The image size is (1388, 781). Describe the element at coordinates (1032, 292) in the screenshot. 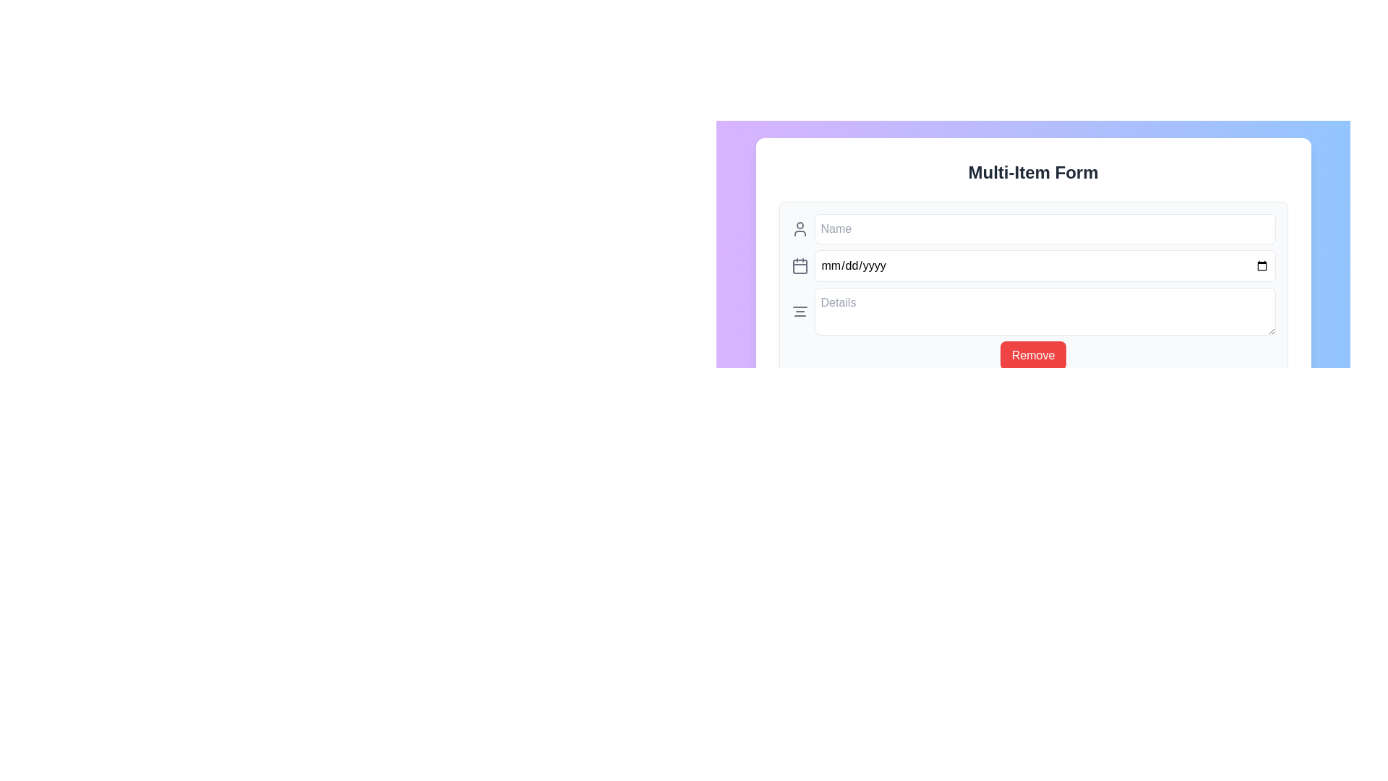

I see `the 'Details' field within the form segment designed for capturing multiple pieces of information` at that location.